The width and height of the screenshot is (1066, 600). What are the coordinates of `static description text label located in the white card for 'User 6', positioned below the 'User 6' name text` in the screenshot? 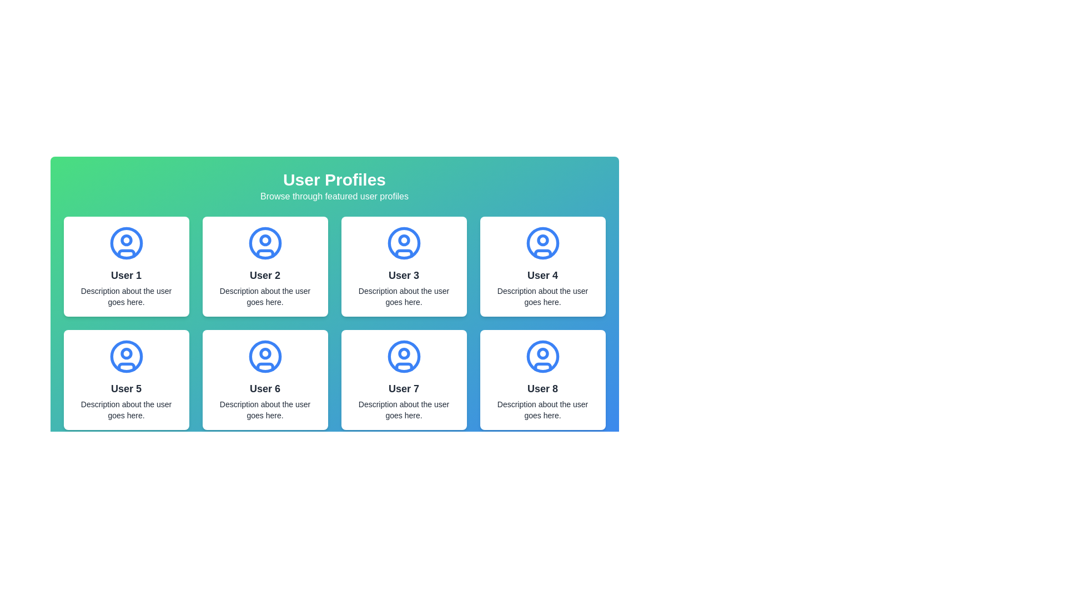 It's located at (264, 409).